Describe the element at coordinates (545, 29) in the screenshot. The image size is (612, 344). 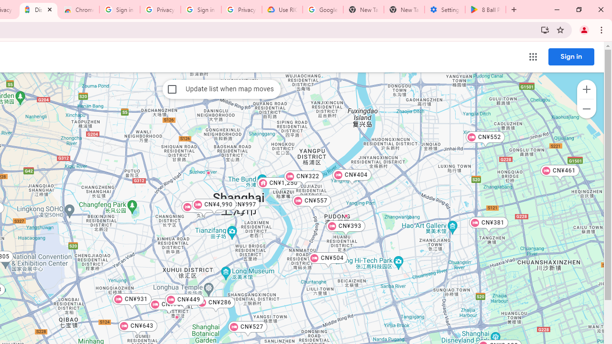
I see `'Install Trips all in one place'` at that location.